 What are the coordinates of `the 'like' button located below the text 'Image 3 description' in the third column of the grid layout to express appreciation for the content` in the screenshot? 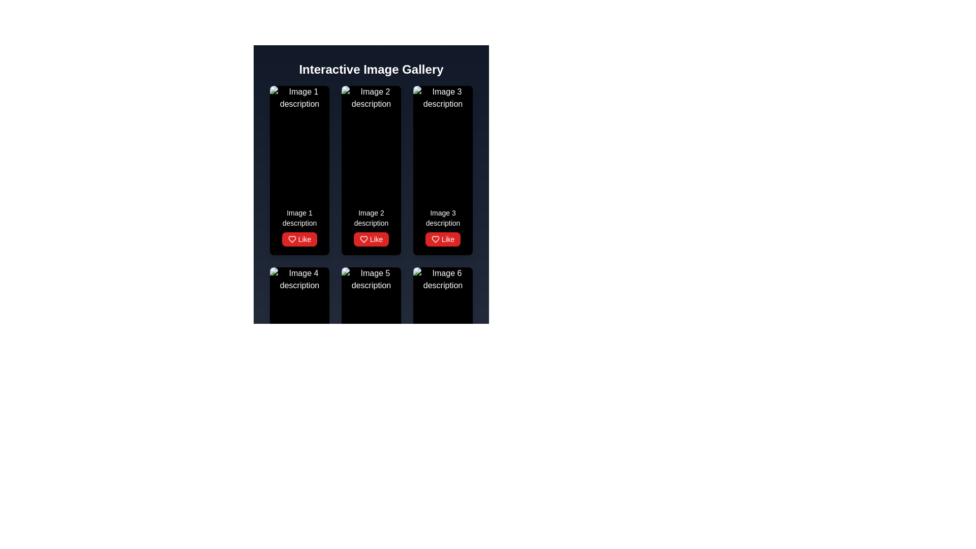 It's located at (443, 239).